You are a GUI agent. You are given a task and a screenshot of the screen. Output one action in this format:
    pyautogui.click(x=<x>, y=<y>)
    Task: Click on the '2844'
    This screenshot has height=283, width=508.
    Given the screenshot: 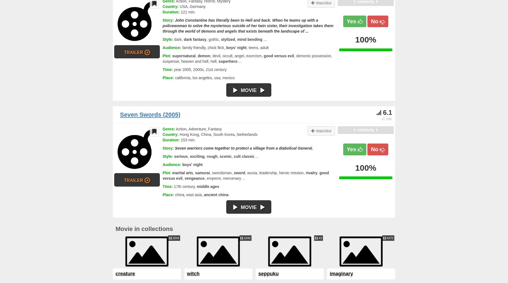 What is the action you would take?
    pyautogui.click(x=175, y=238)
    